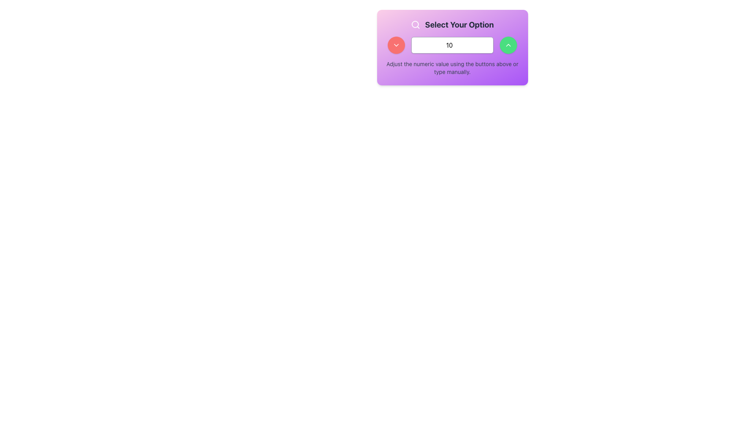  I want to click on the text label that serves as the header for the card interface, positioned at the top of the card component, so click(452, 24).